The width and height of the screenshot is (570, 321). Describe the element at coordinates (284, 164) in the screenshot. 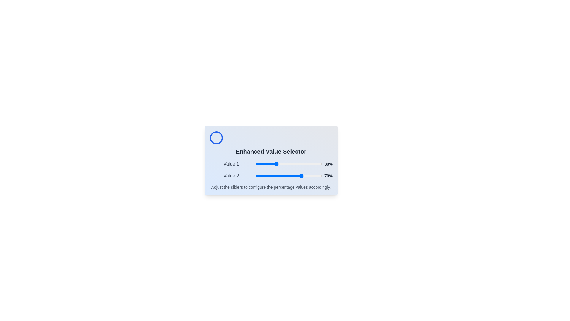

I see `the slider for Value 1 to 44%` at that location.